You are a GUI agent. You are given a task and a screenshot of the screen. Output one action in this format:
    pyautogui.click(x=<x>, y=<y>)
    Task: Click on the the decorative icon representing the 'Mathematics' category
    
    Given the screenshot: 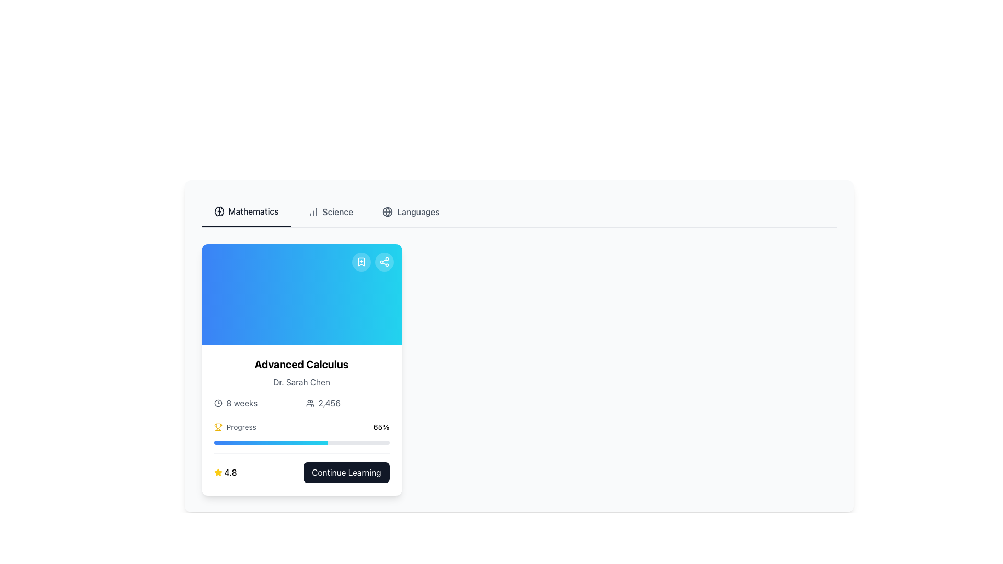 What is the action you would take?
    pyautogui.click(x=218, y=211)
    